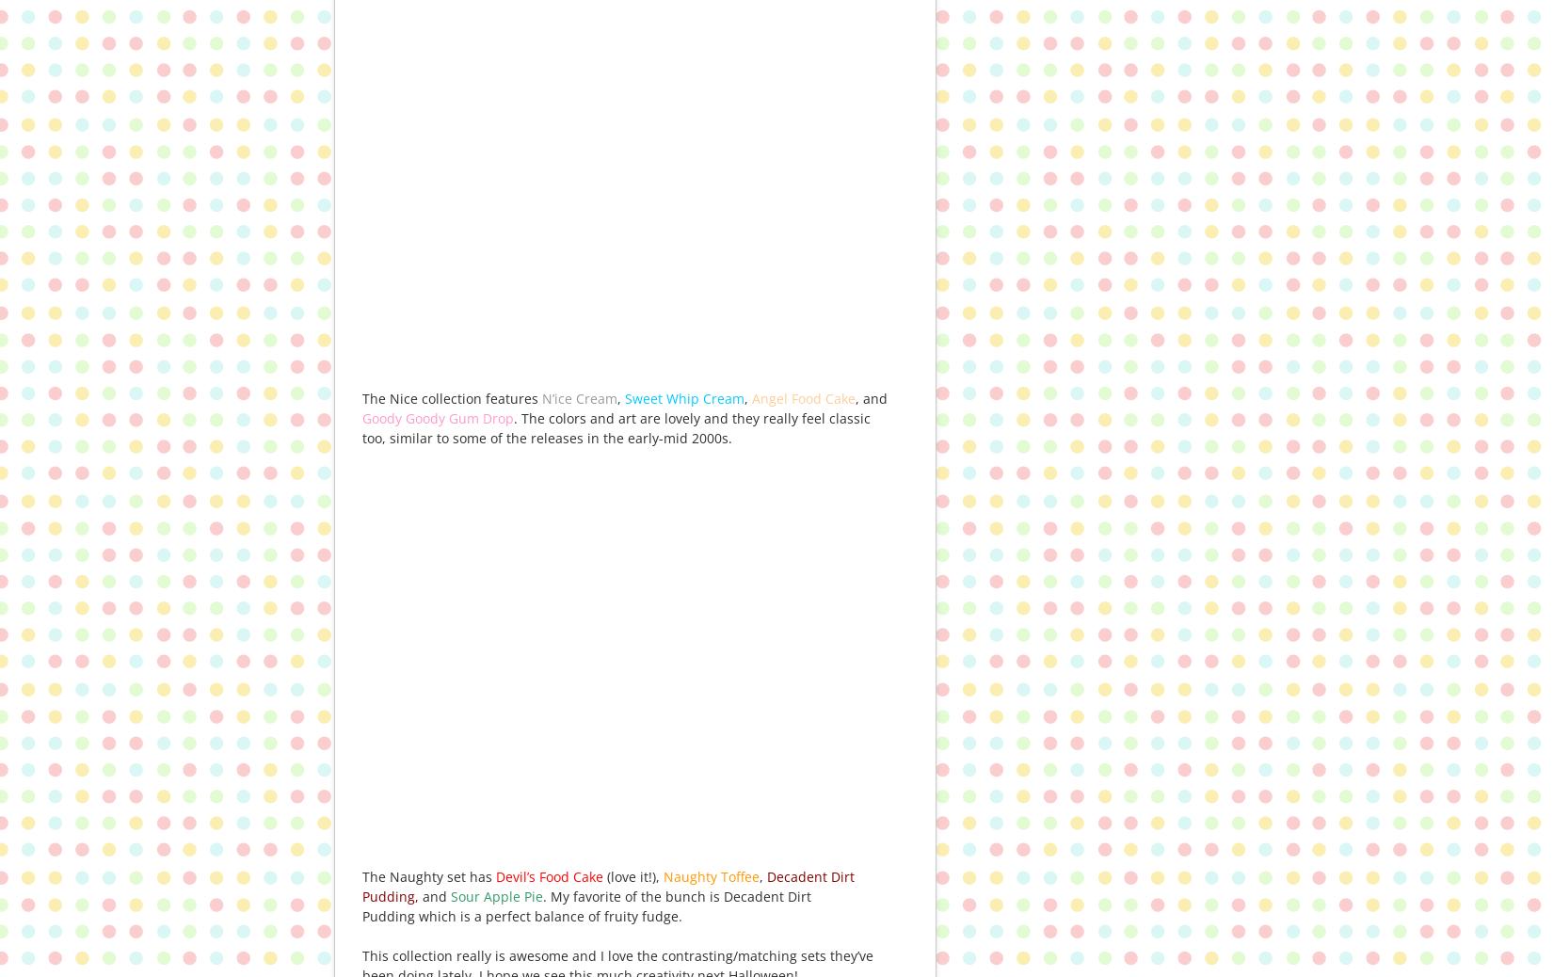  I want to click on ', and', so click(871, 397).